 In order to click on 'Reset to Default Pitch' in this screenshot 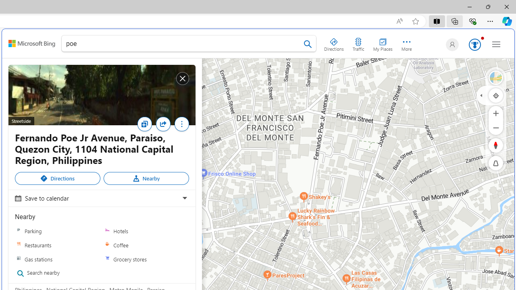, I will do `click(495, 163)`.